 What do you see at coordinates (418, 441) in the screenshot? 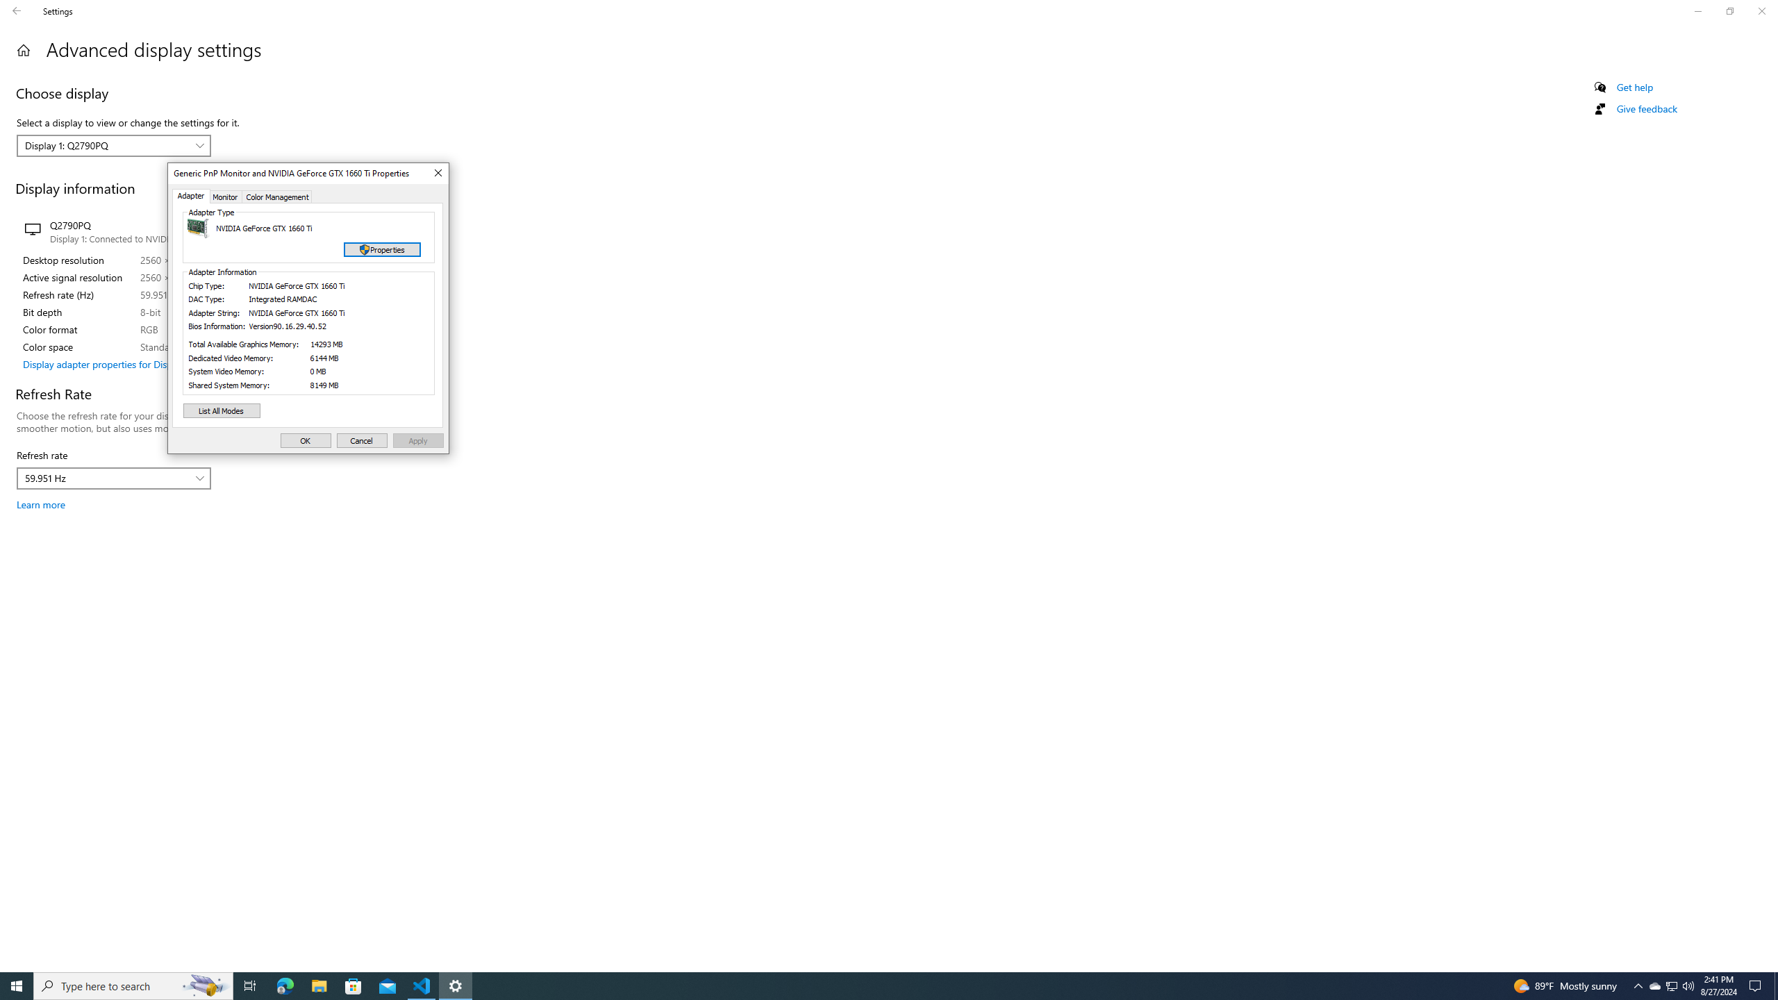
I see `'Apply'` at bounding box center [418, 441].